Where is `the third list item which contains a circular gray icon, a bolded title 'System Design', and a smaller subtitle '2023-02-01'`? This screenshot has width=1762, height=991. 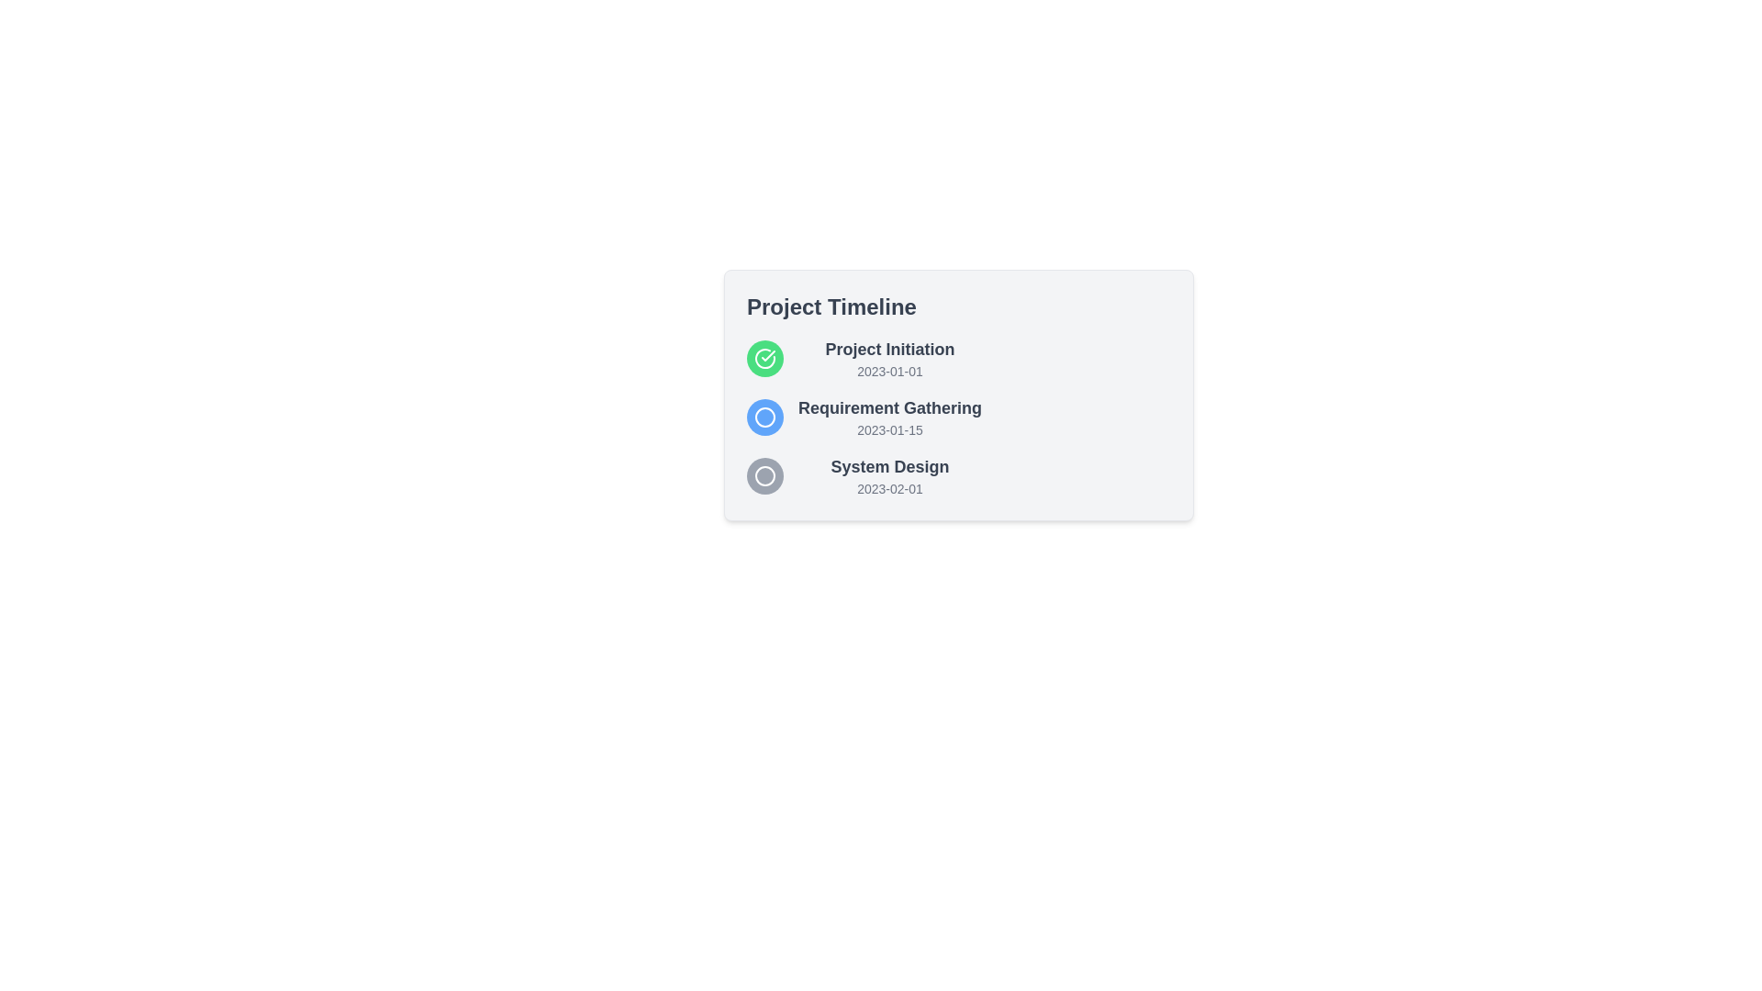
the third list item which contains a circular gray icon, a bolded title 'System Design', and a smaller subtitle '2023-02-01' is located at coordinates (863, 475).